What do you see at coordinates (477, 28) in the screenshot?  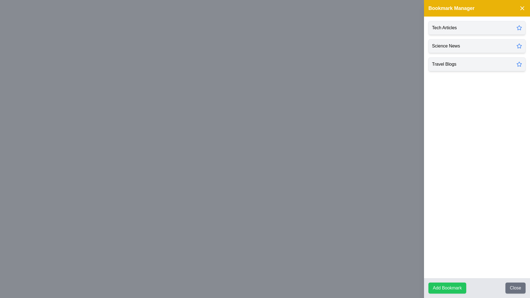 I see `the 'Tech Articles' list item in the Bookmark Manager sidebar` at bounding box center [477, 28].